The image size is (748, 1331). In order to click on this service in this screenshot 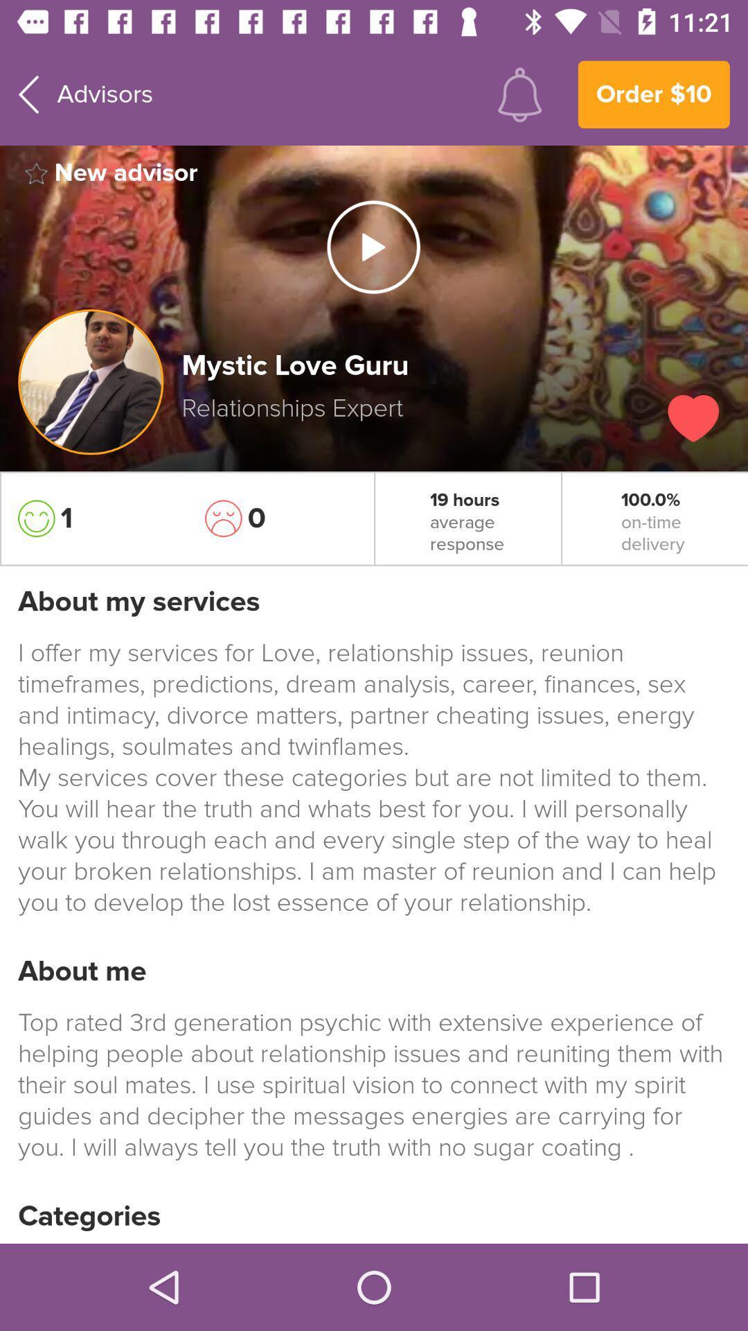, I will do `click(693, 417)`.